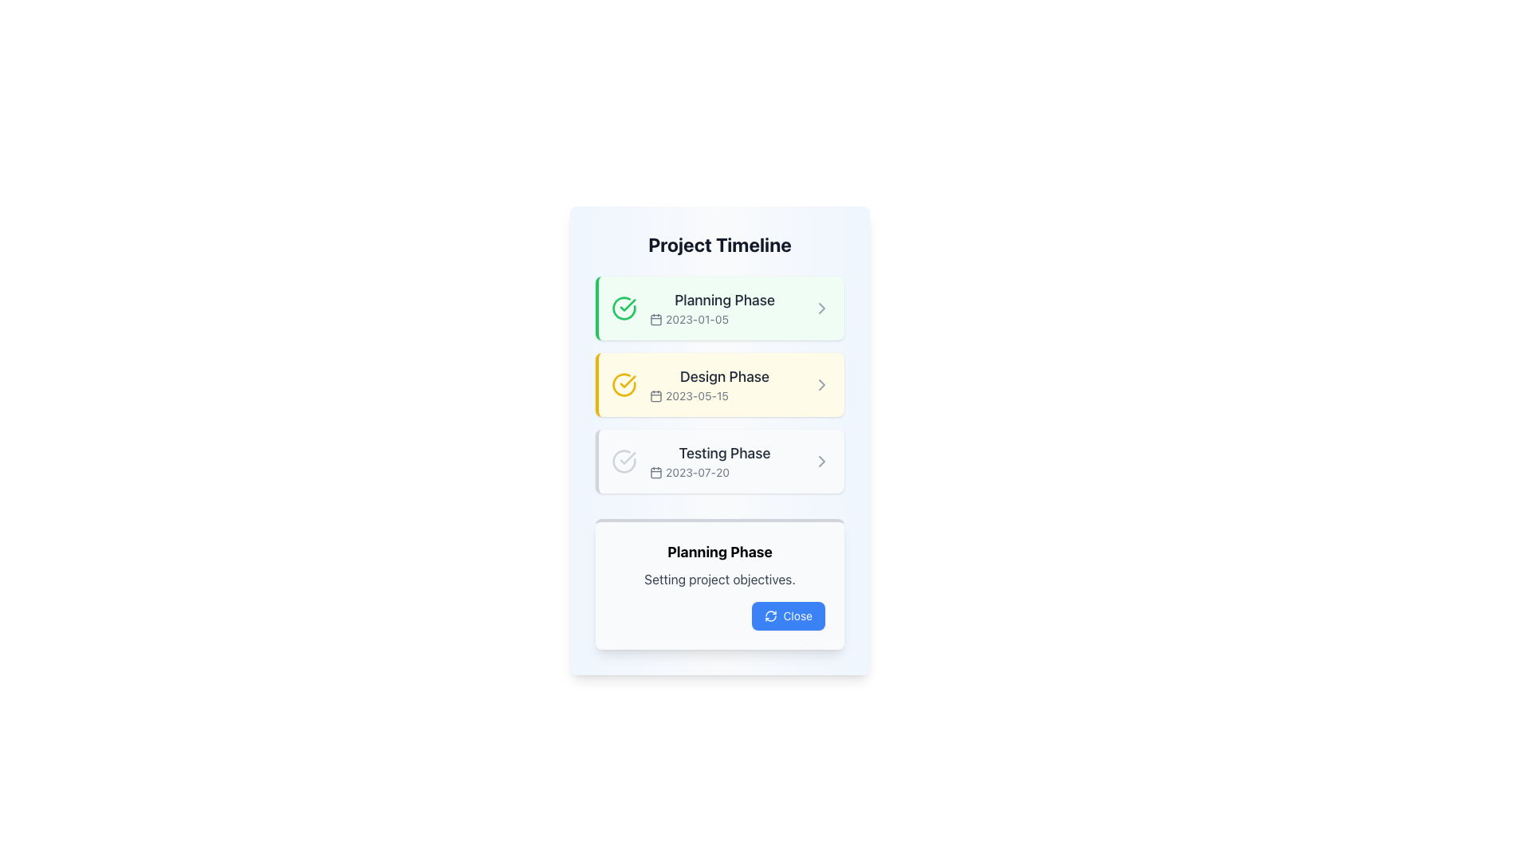 The height and width of the screenshot is (861, 1531). I want to click on the 'Planning Phase' button, which is the first step card, so click(718, 308).